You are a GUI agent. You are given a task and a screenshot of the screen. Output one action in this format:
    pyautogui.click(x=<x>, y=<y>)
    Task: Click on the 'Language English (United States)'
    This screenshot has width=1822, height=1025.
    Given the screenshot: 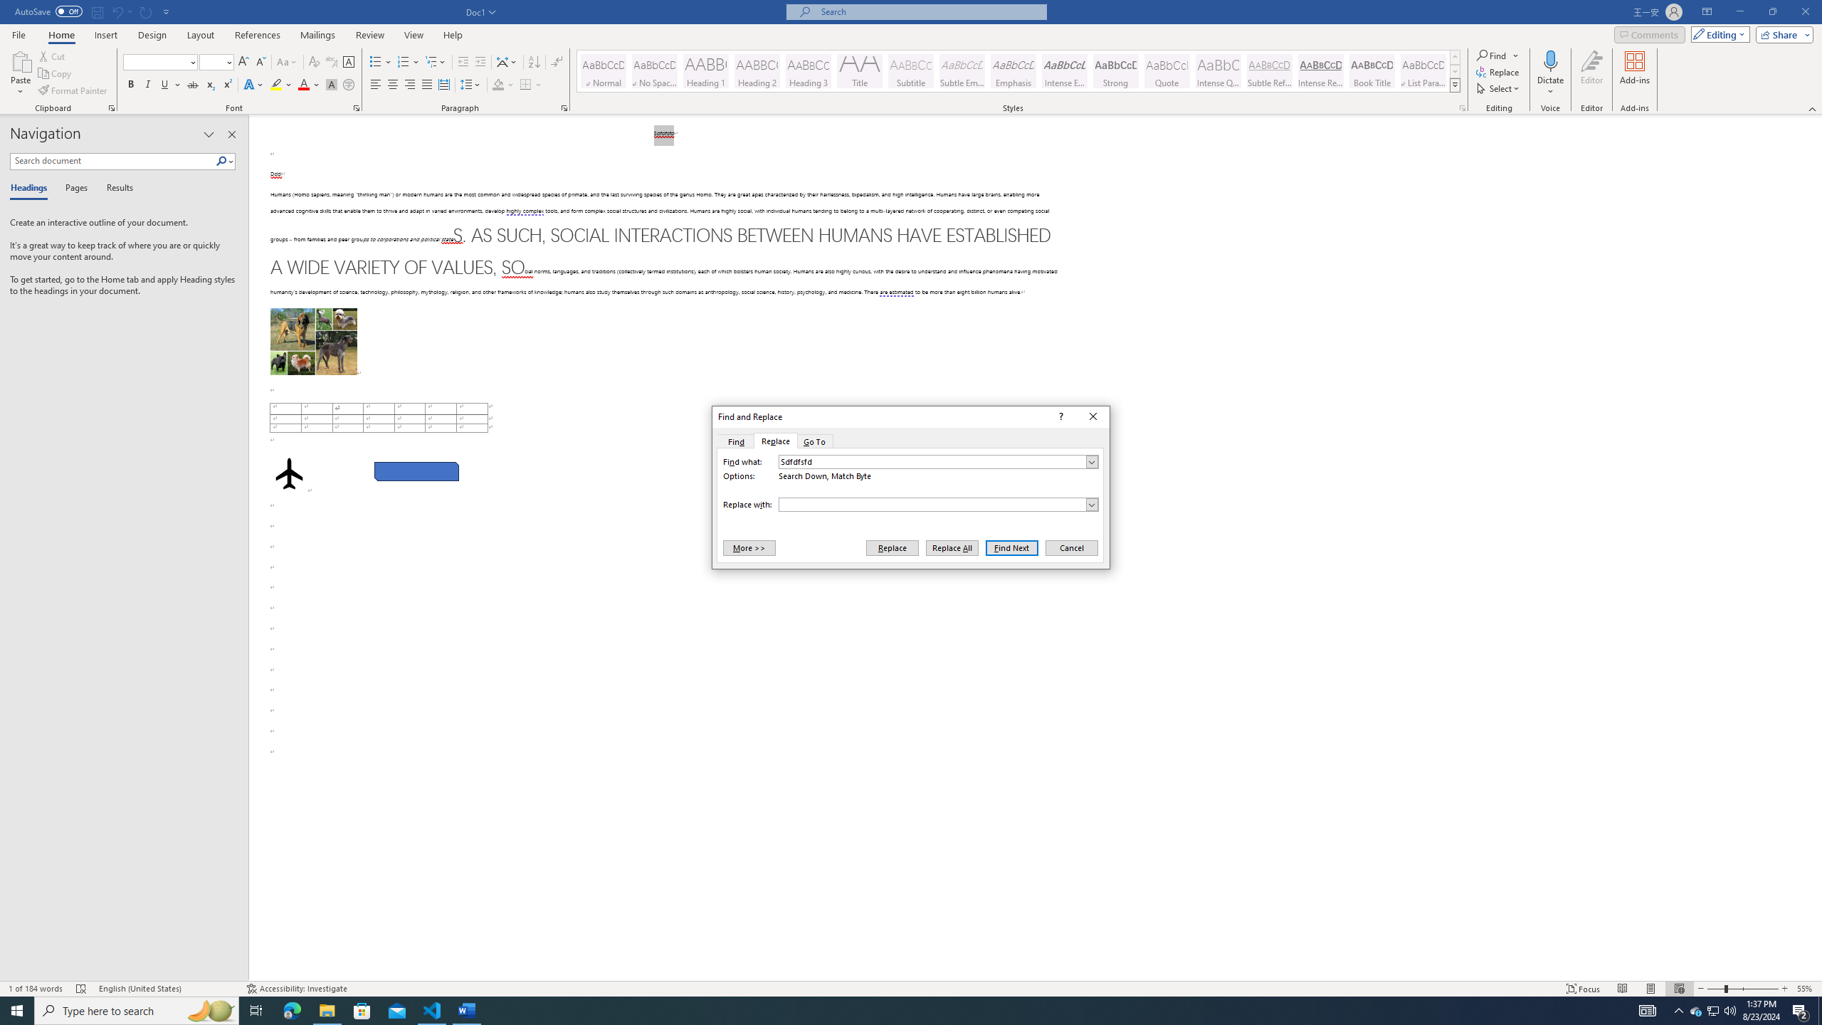 What is the action you would take?
    pyautogui.click(x=165, y=989)
    